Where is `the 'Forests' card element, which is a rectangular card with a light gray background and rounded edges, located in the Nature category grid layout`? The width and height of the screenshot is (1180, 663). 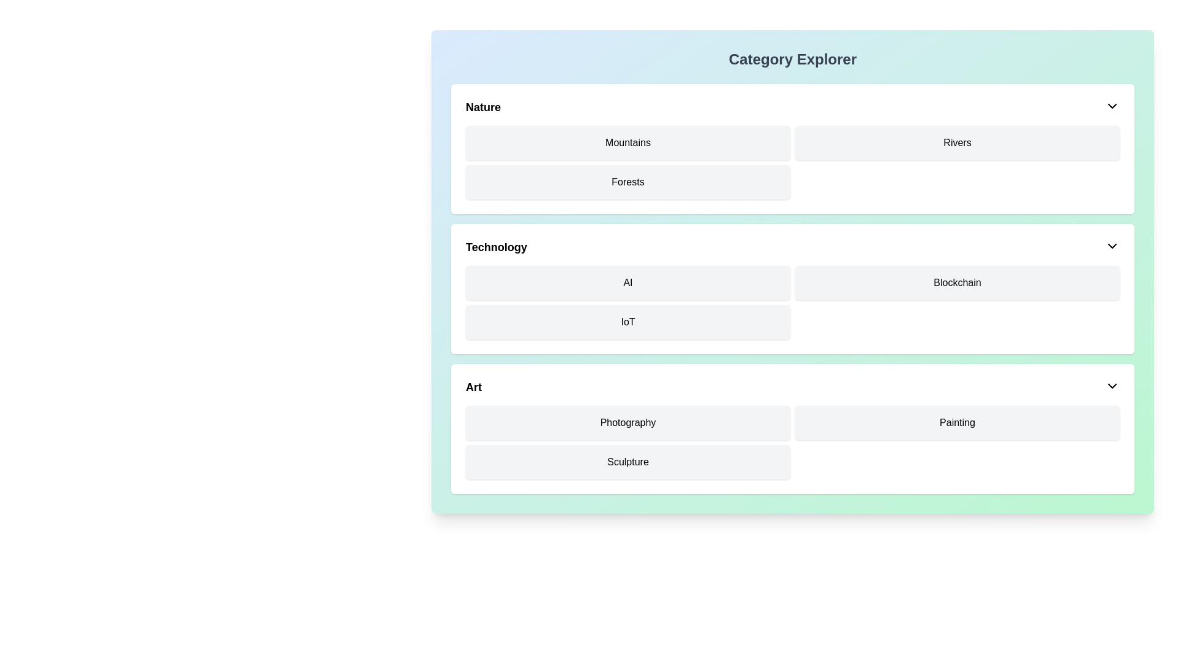
the 'Forests' card element, which is a rectangular card with a light gray background and rounded edges, located in the Nature category grid layout is located at coordinates (628, 182).